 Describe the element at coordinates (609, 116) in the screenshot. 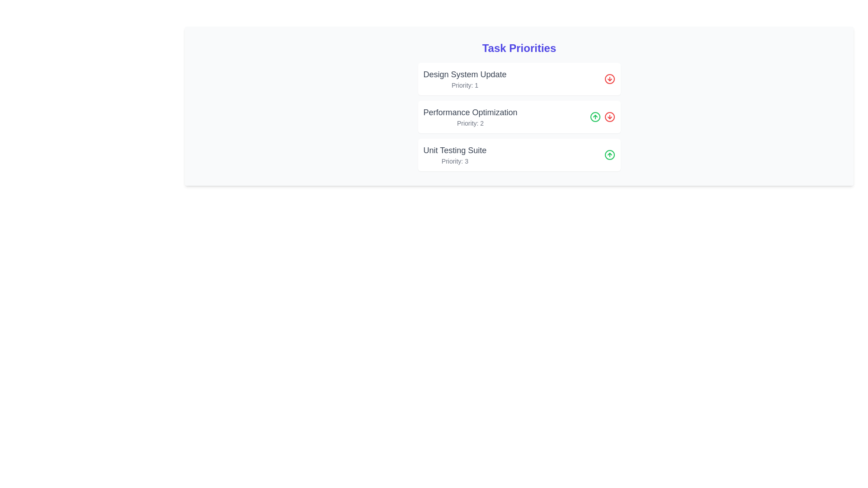

I see `'Move Down' button for the task labeled 'Performance Optimization'` at that location.